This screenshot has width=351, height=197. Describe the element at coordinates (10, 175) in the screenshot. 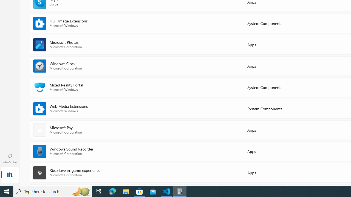

I see `'Library'` at that location.